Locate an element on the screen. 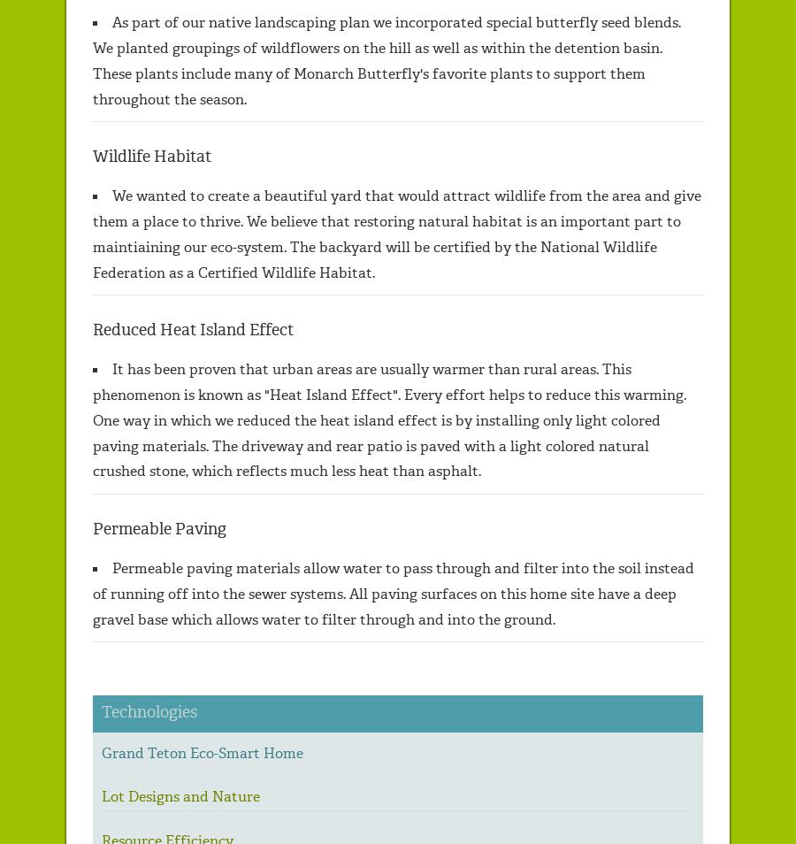 The image size is (796, 844). 'It has been proven that urban areas are usually warmer than rural areas. This phenomenon is known as "Heat Island Effect". Every effort helps to reduce this warming. One way in which we reduced the heat island effect is by installing only light colored paving materials. The driveway and rear patio is paved with a light colored natural crushed stone, which reflects much less heat than asphalt.' is located at coordinates (92, 419).